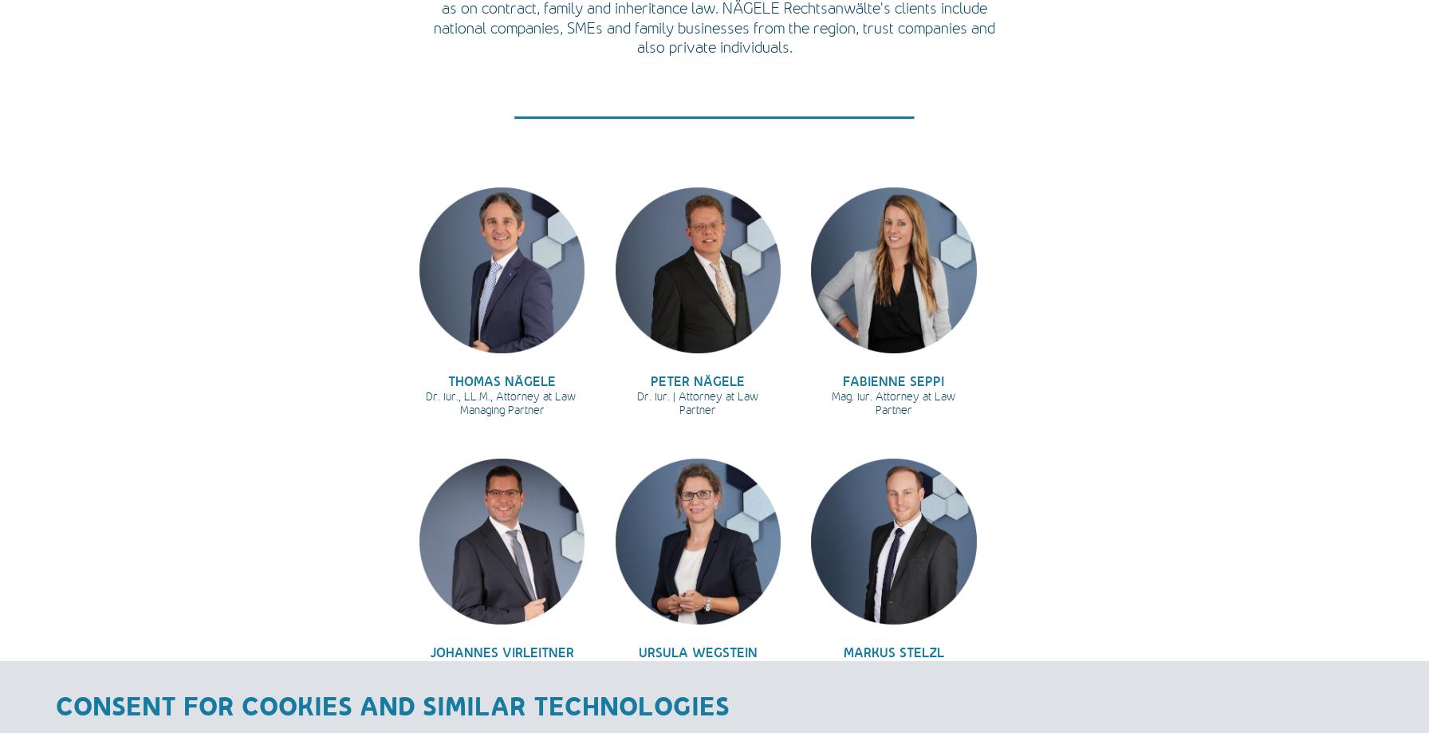 Image resolution: width=1429 pixels, height=733 pixels. What do you see at coordinates (842, 651) in the screenshot?
I see `'MARKUS STELZL'` at bounding box center [842, 651].